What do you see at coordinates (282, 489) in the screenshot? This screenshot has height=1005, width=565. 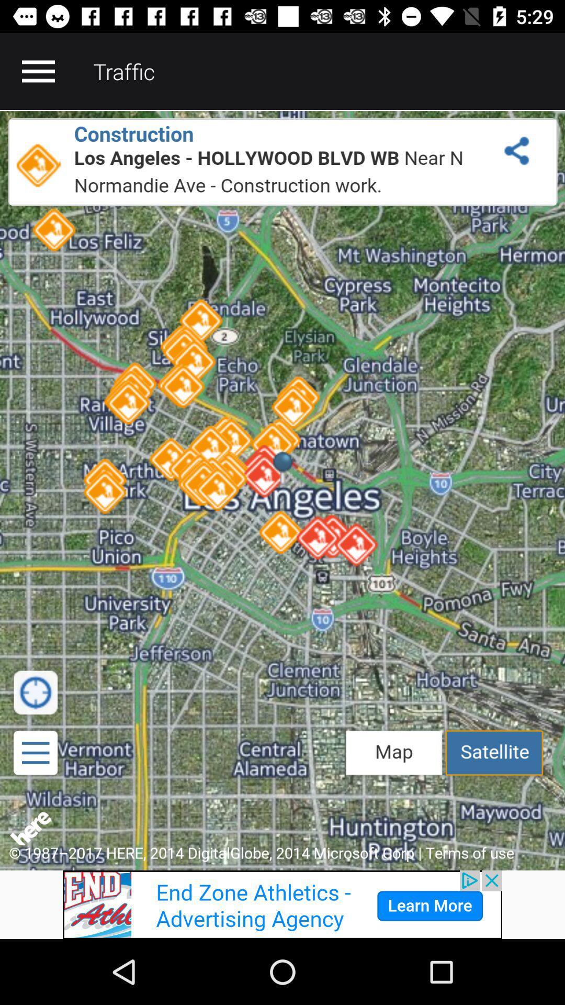 I see `google map` at bounding box center [282, 489].